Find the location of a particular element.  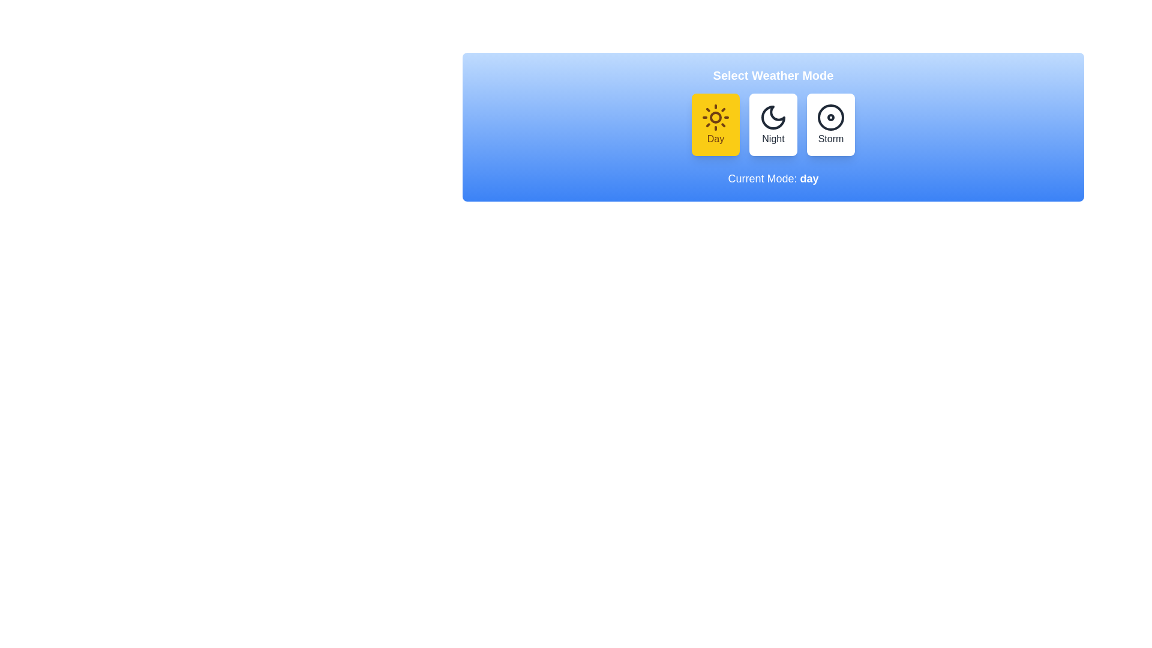

the button labeled Night is located at coordinates (773, 125).